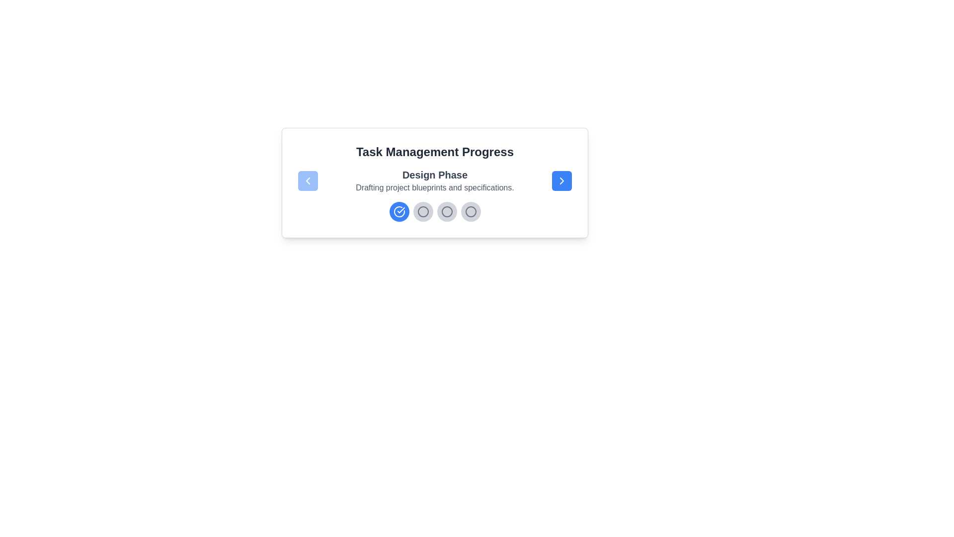 The height and width of the screenshot is (537, 954). What do you see at coordinates (562, 180) in the screenshot?
I see `the right navigation button to move to the next step` at bounding box center [562, 180].